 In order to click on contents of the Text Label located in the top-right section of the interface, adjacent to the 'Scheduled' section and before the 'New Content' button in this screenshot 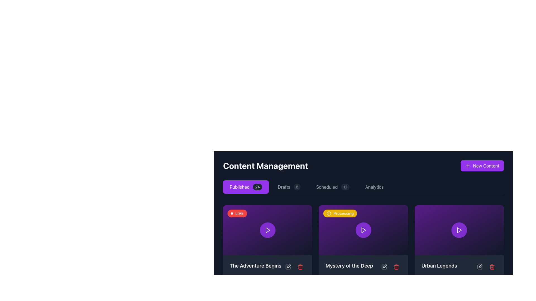, I will do `click(374, 187)`.